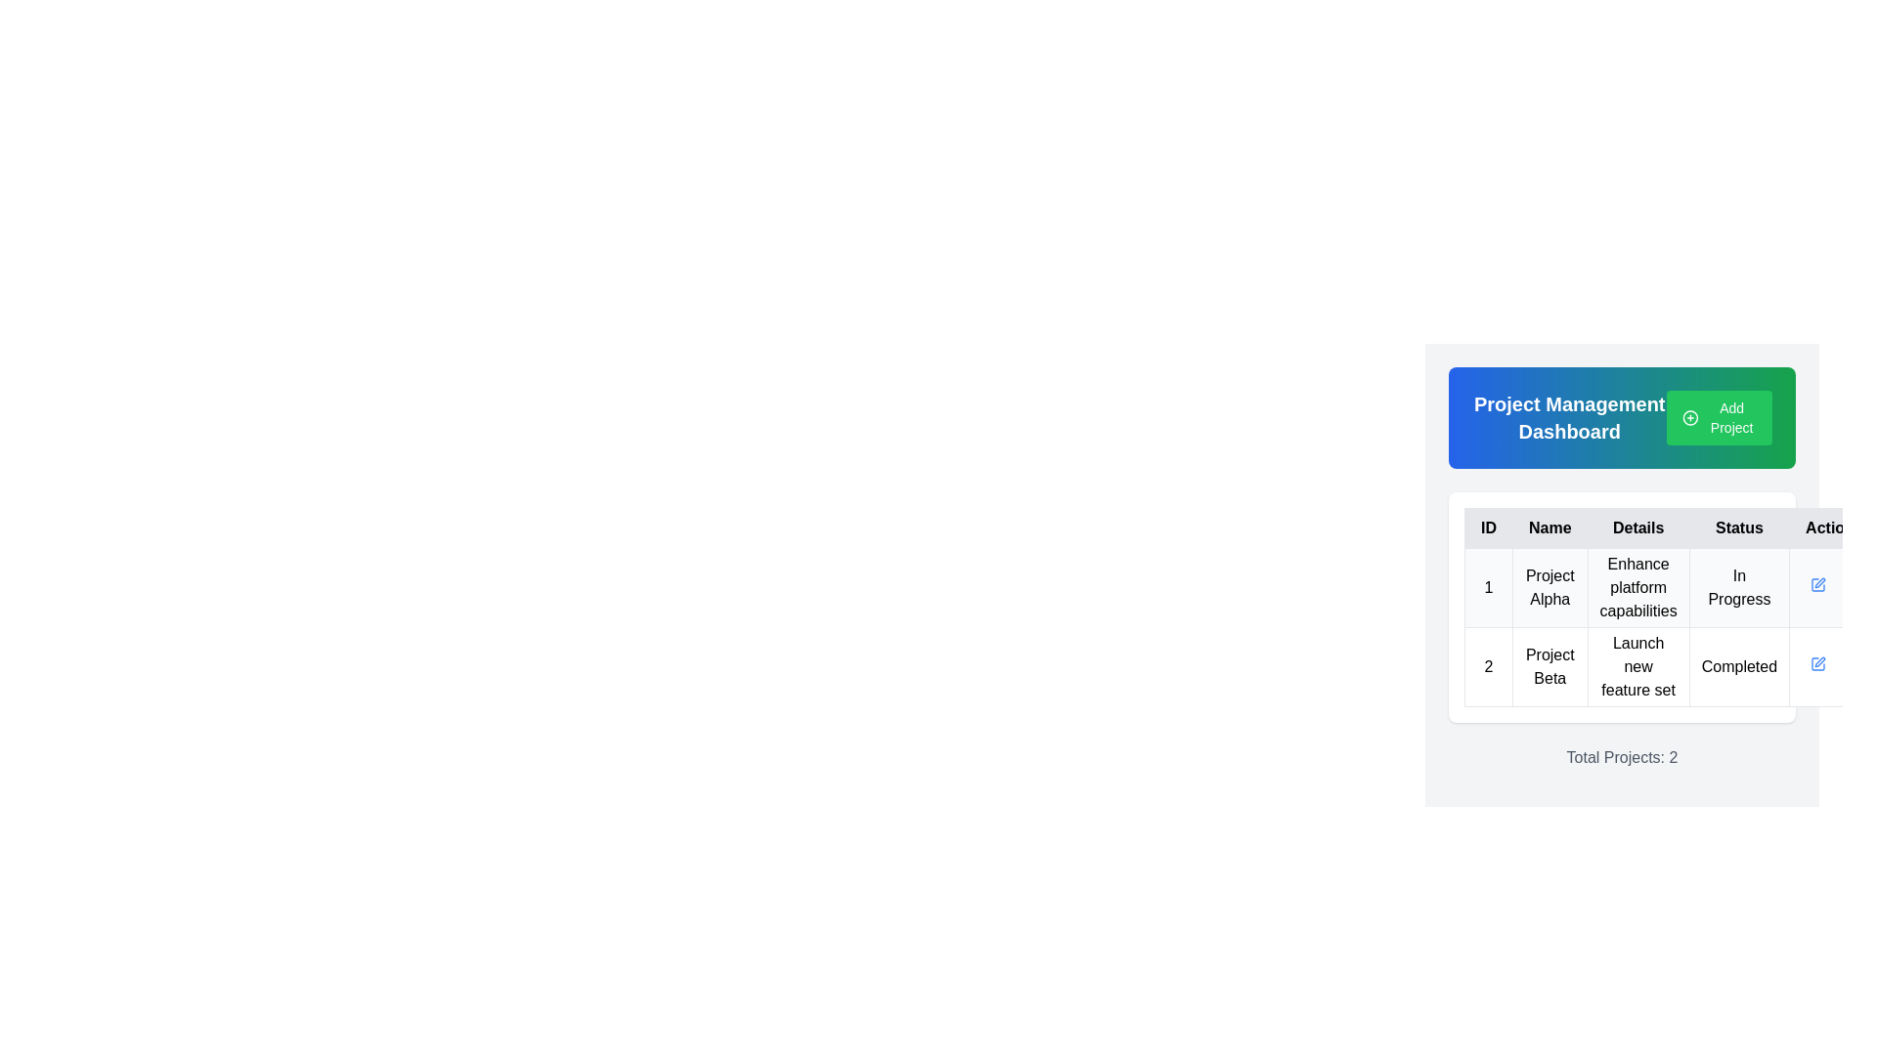 The height and width of the screenshot is (1055, 1877). Describe the element at coordinates (1487, 527) in the screenshot. I see `the table header labeled 'ID', which is styled with a bold font and located at the top-left corner of the table` at that location.